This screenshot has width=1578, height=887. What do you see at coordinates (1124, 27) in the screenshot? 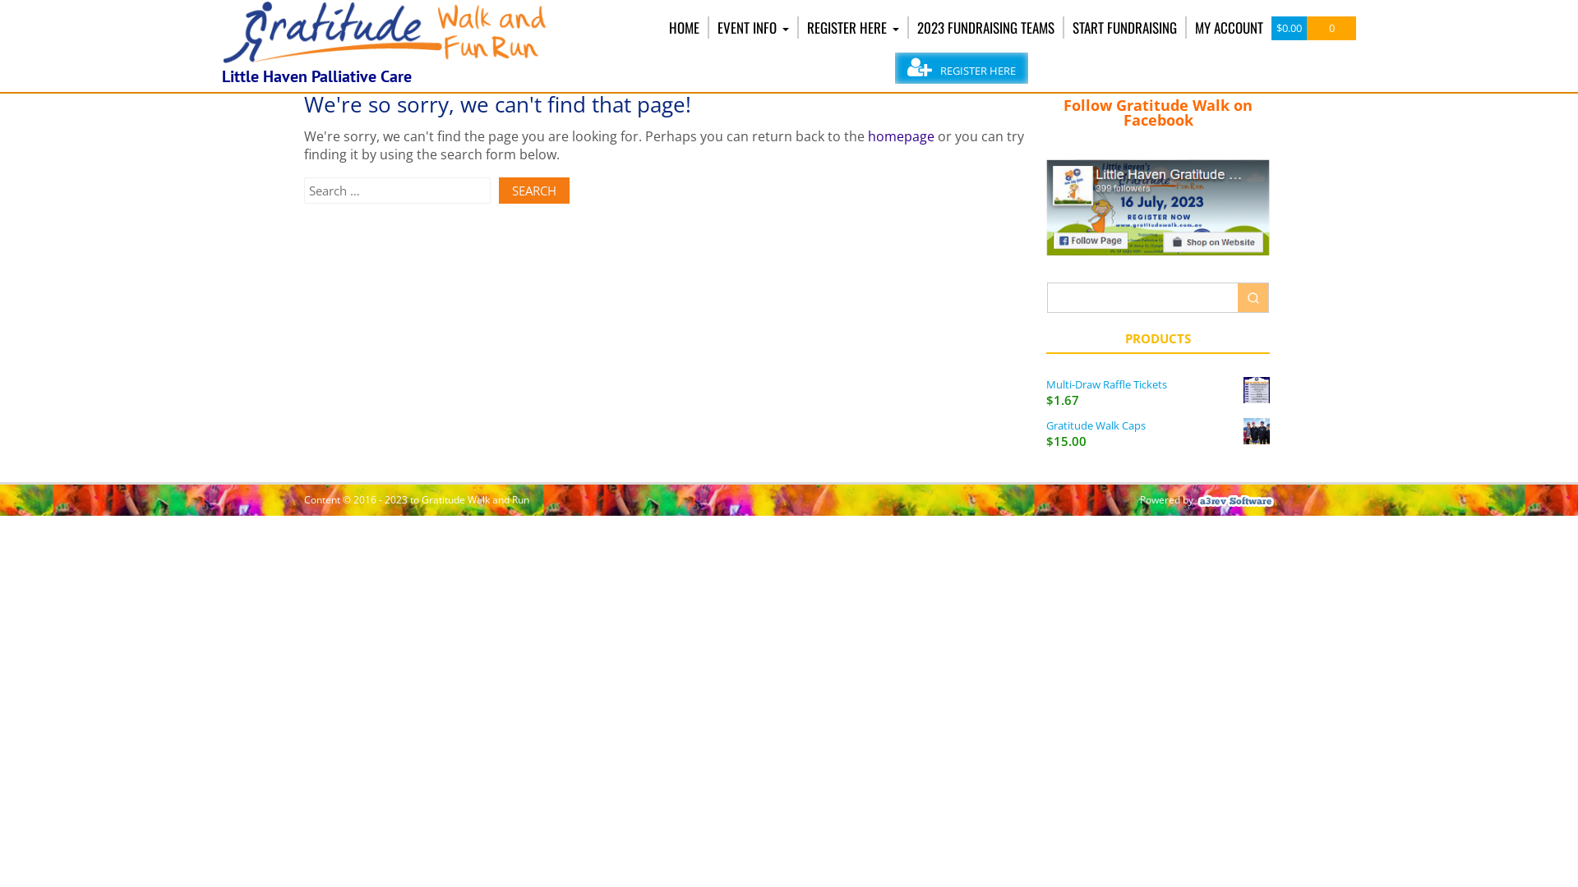
I see `'START FUNDRAISING'` at bounding box center [1124, 27].